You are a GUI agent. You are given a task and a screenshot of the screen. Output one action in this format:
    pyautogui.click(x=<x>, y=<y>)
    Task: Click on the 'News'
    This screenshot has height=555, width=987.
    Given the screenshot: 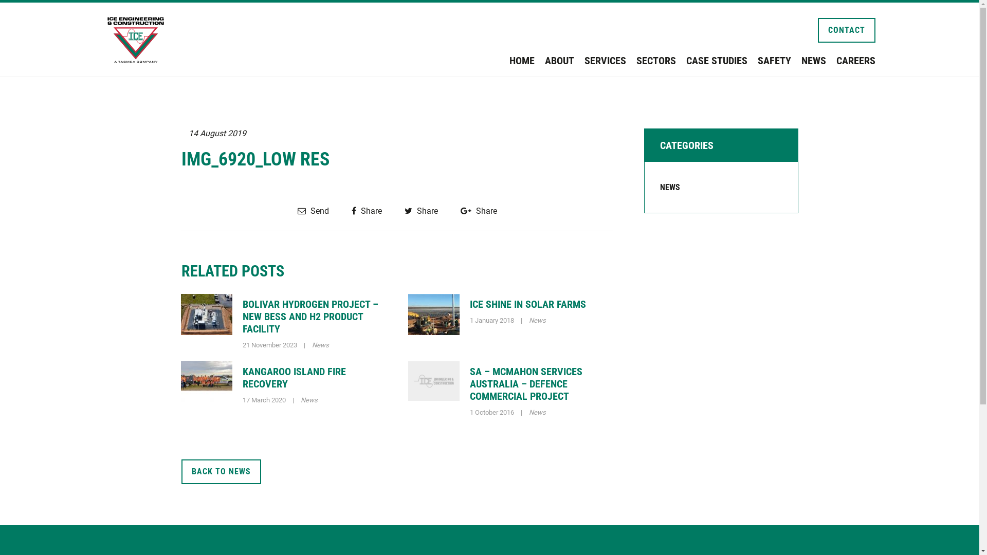 What is the action you would take?
    pyautogui.click(x=308, y=399)
    